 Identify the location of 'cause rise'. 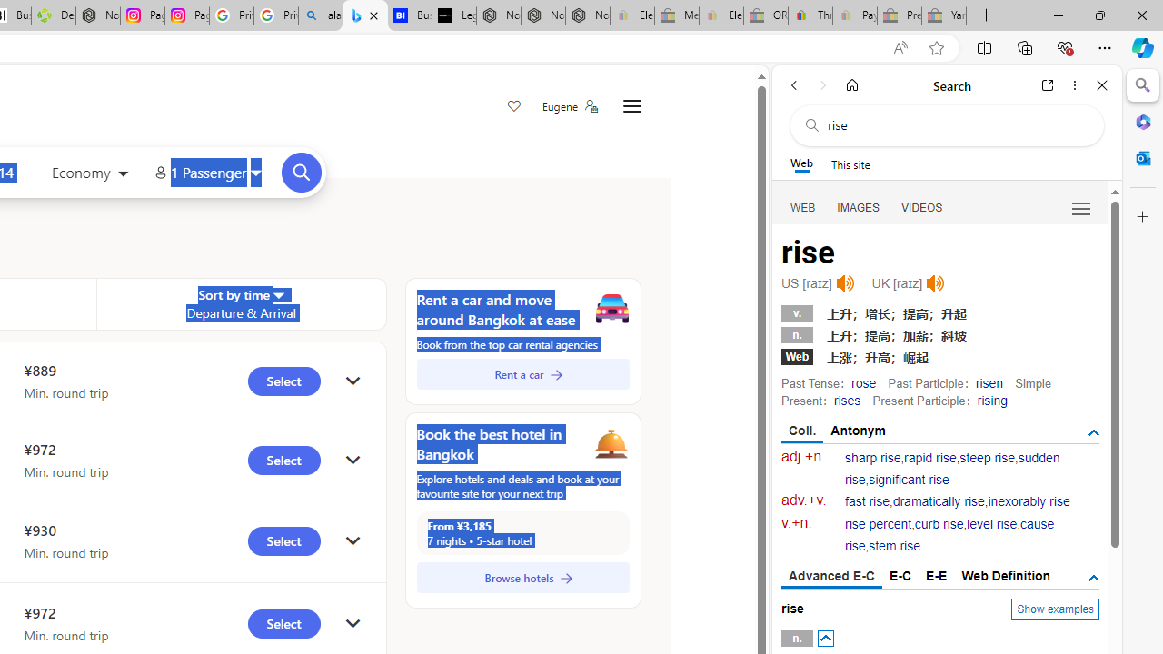
(949, 534).